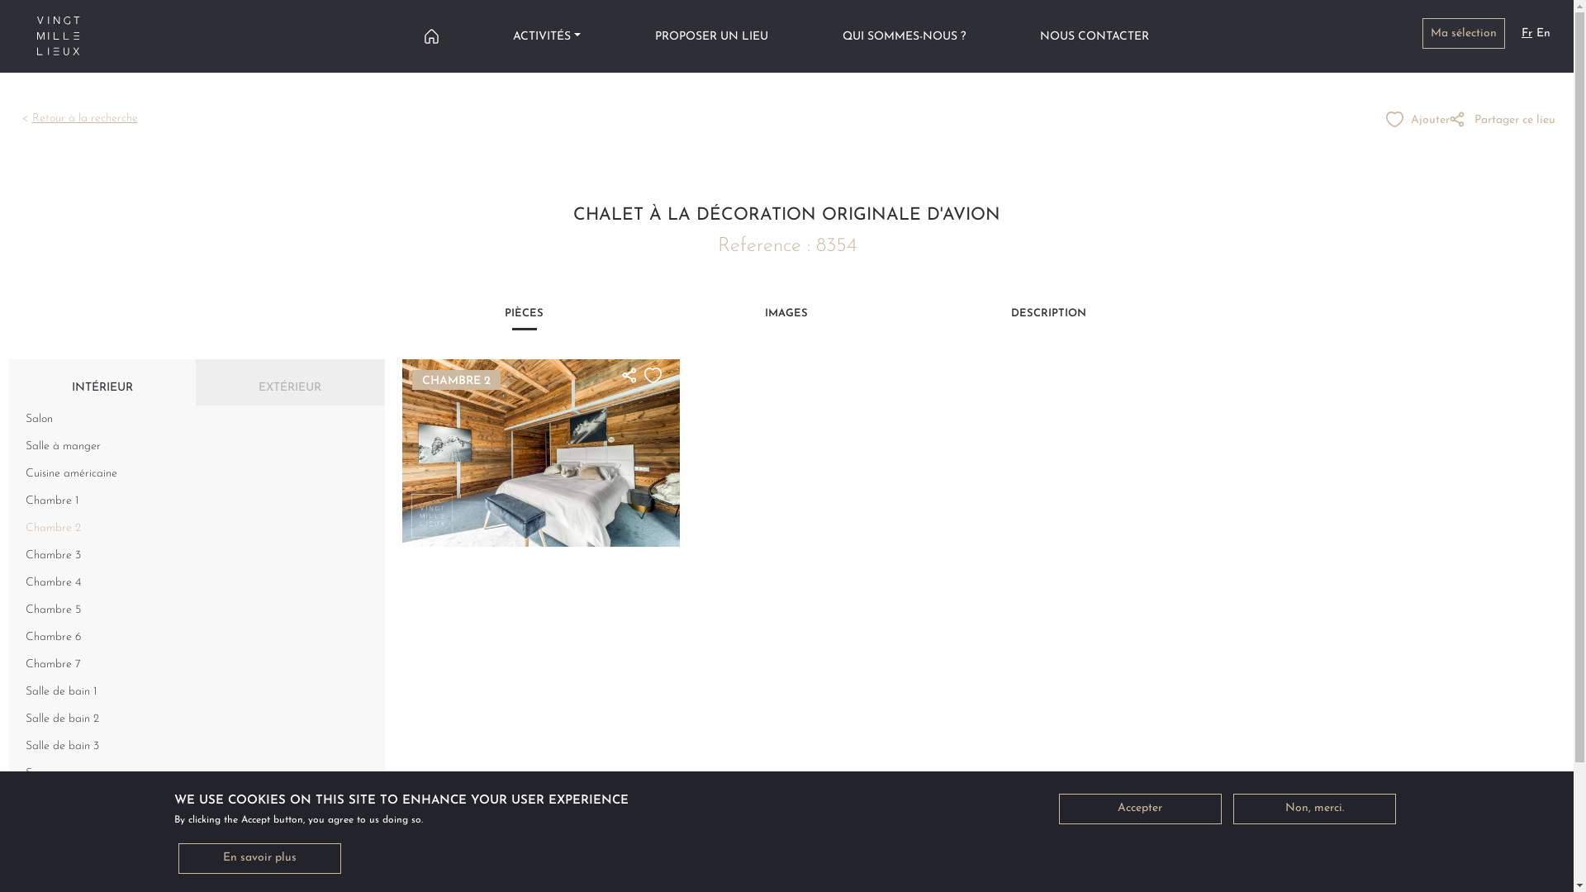 This screenshot has width=1586, height=892. What do you see at coordinates (1417, 119) in the screenshot?
I see `'Ajouter'` at bounding box center [1417, 119].